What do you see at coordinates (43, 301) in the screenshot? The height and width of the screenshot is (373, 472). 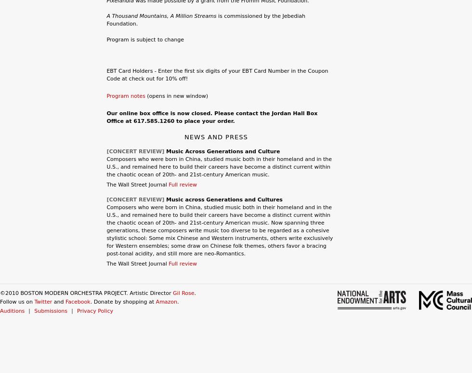 I see `'Twitter'` at bounding box center [43, 301].